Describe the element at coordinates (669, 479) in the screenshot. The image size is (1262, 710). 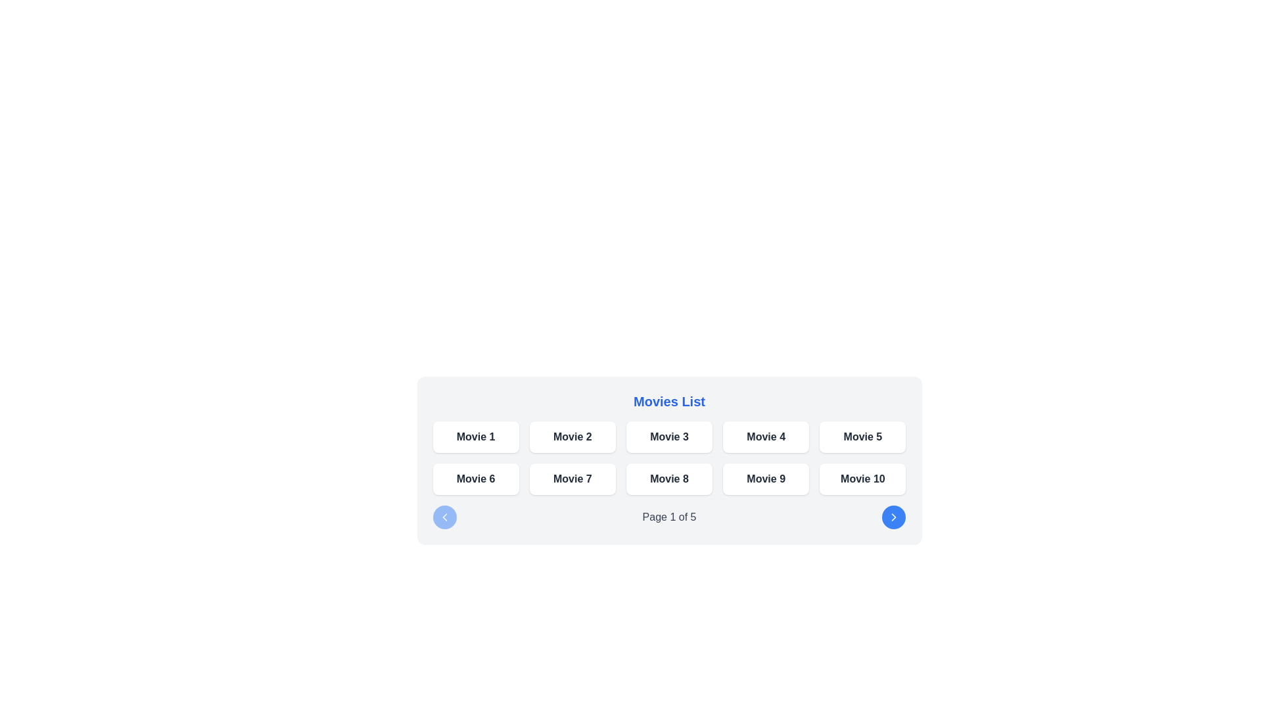
I see `the static text display labeled 'Movie 8', which is located in the second row and third column of a grid layout containing similar elements` at that location.